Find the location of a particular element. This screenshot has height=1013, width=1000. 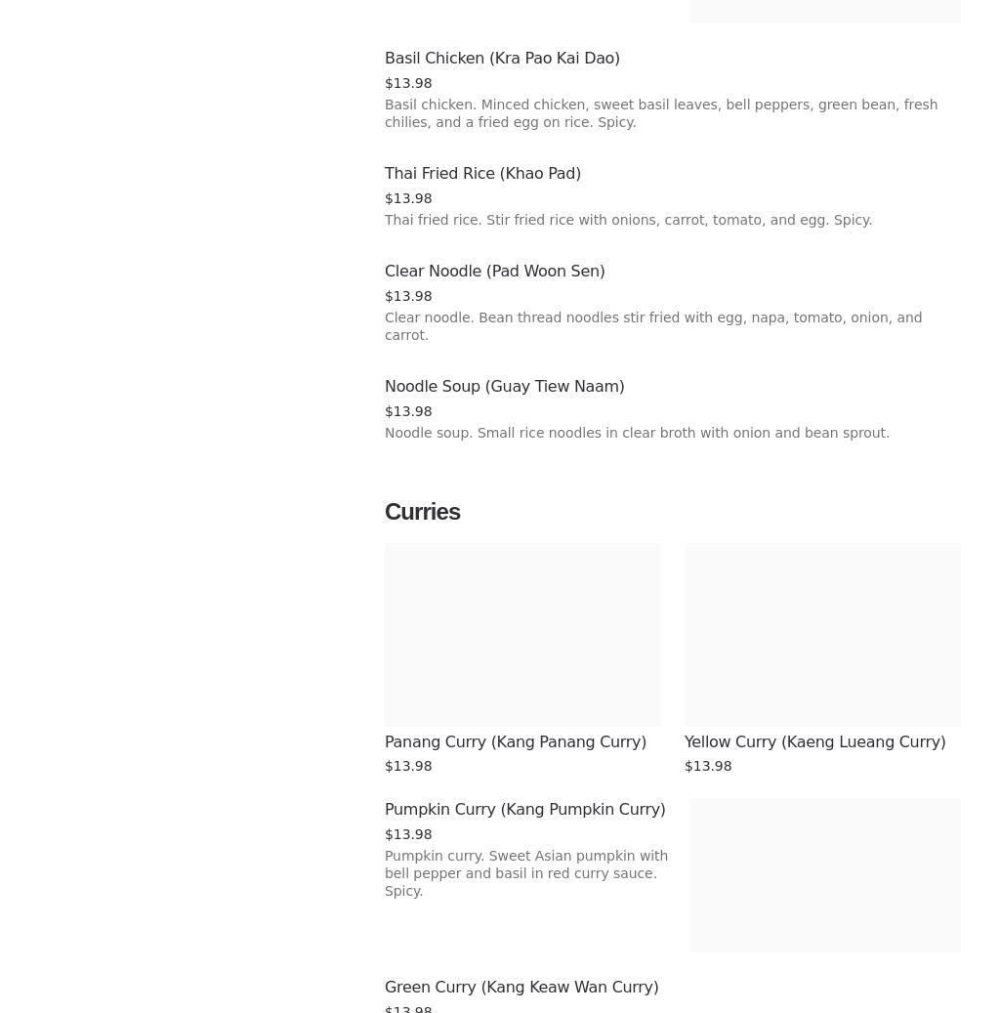

'Green Curry (Kang Keaw Wan Curry)' is located at coordinates (521, 987).